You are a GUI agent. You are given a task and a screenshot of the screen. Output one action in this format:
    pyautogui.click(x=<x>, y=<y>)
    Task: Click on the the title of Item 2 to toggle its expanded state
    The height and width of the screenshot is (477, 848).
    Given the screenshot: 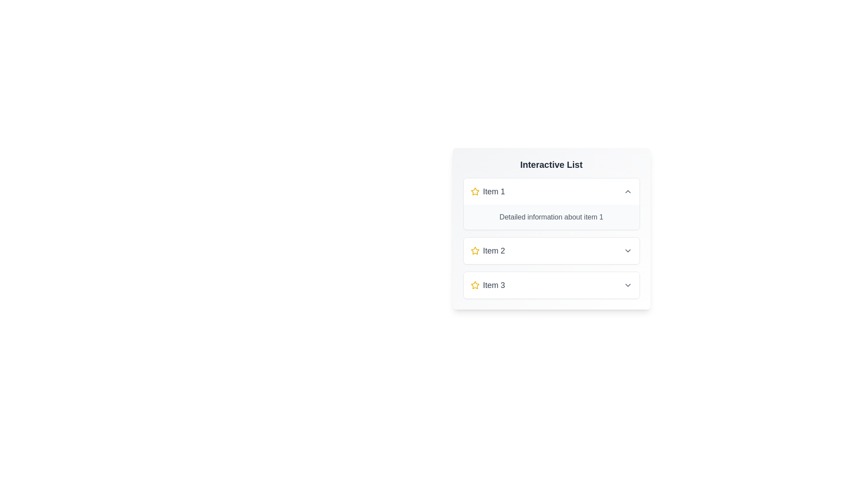 What is the action you would take?
    pyautogui.click(x=551, y=250)
    